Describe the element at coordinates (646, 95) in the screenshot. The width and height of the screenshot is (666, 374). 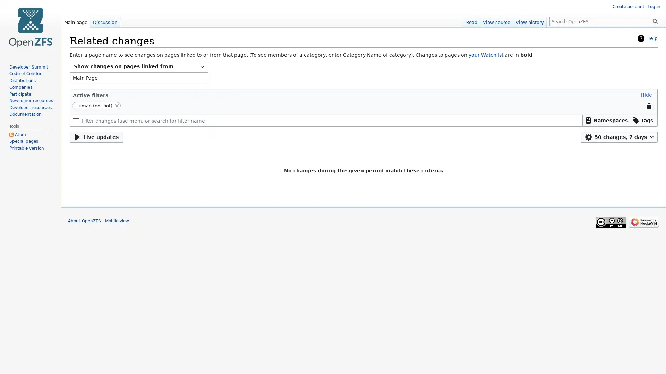
I see `Hide` at that location.